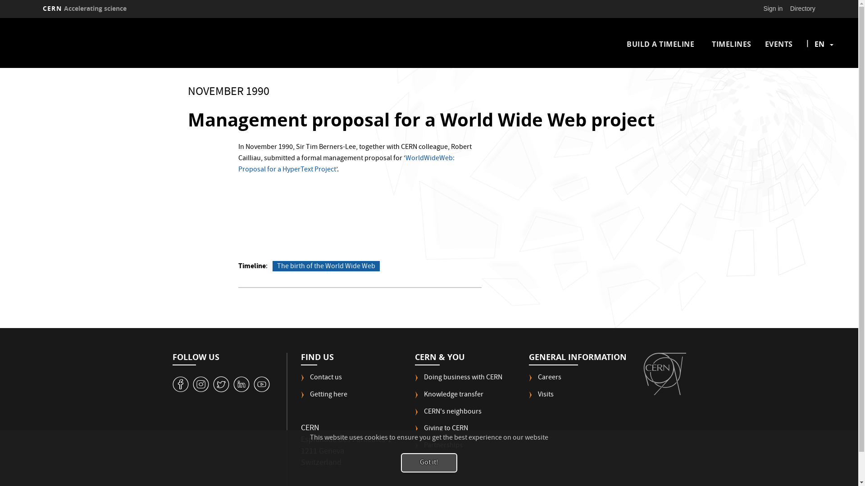 This screenshot has height=486, width=865. Describe the element at coordinates (819, 44) in the screenshot. I see `'|` at that location.